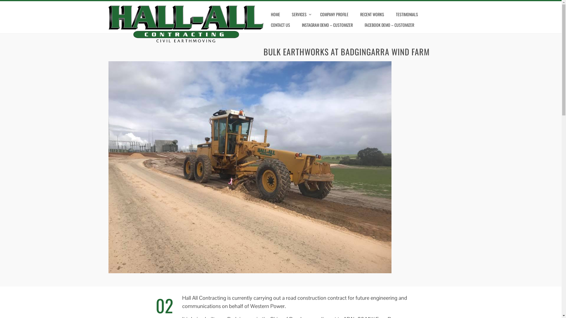 Image resolution: width=566 pixels, height=318 pixels. What do you see at coordinates (280, 24) in the screenshot?
I see `'CONTACT US'` at bounding box center [280, 24].